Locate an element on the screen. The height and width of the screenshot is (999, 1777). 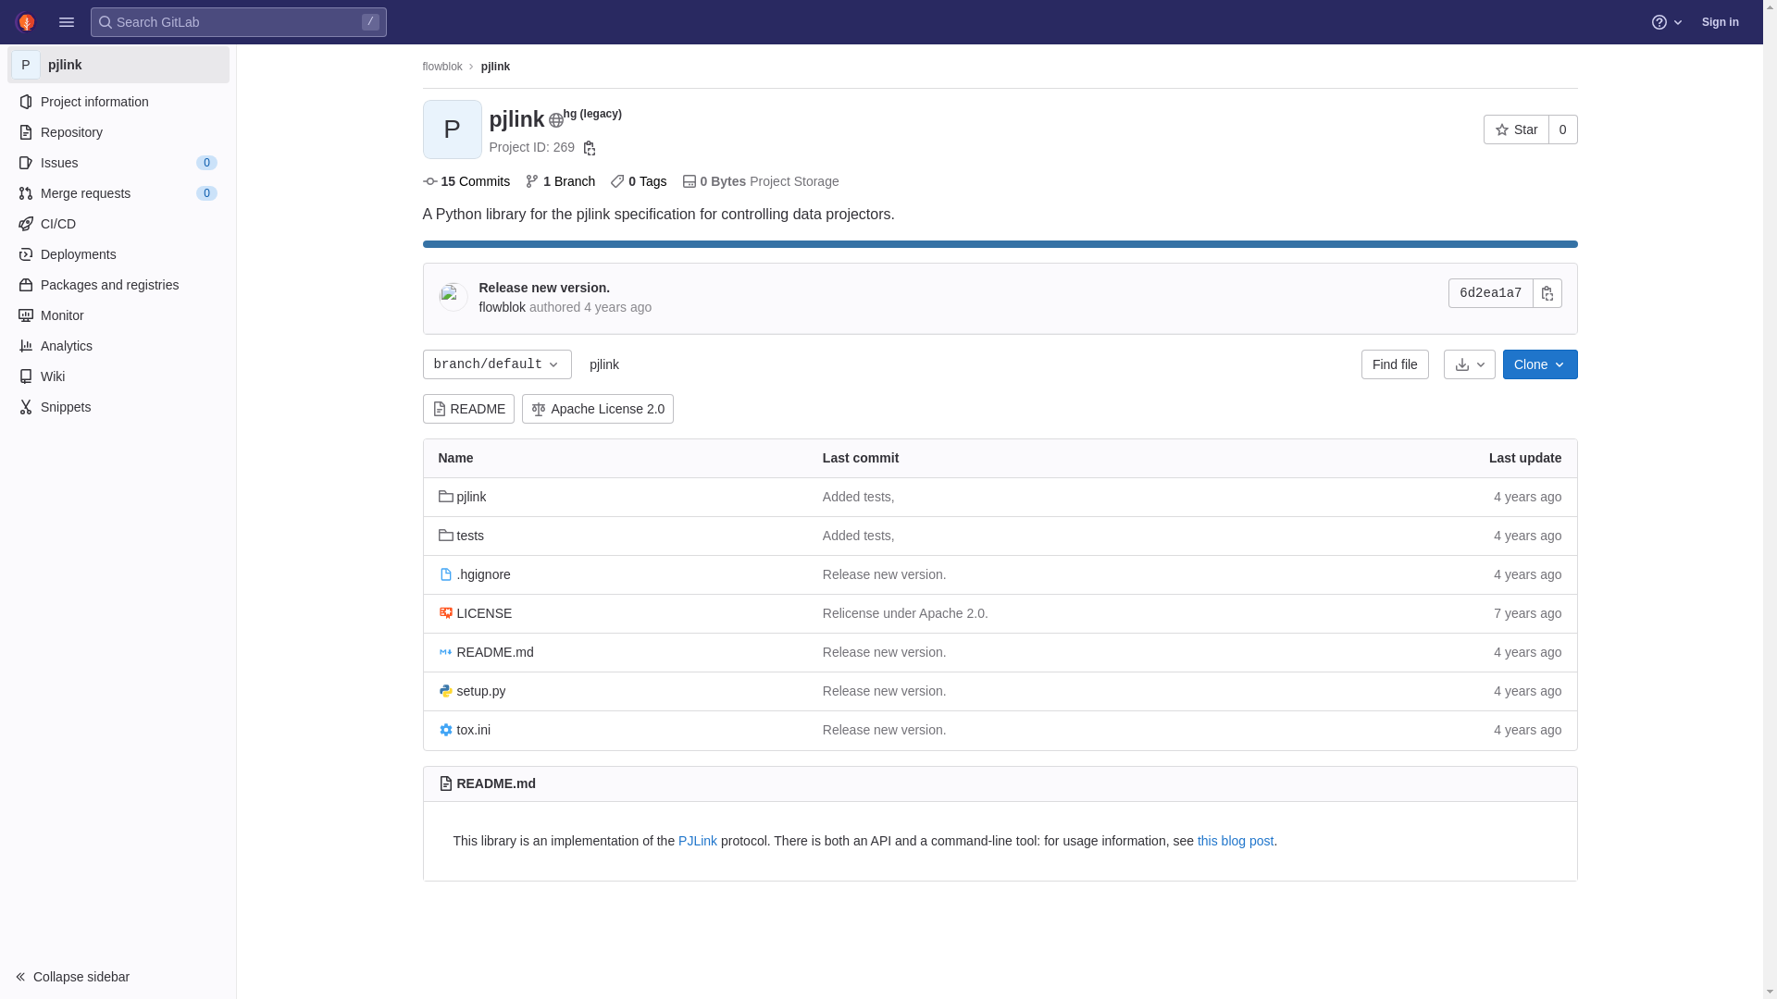
'pjlink' is located at coordinates (495, 66).